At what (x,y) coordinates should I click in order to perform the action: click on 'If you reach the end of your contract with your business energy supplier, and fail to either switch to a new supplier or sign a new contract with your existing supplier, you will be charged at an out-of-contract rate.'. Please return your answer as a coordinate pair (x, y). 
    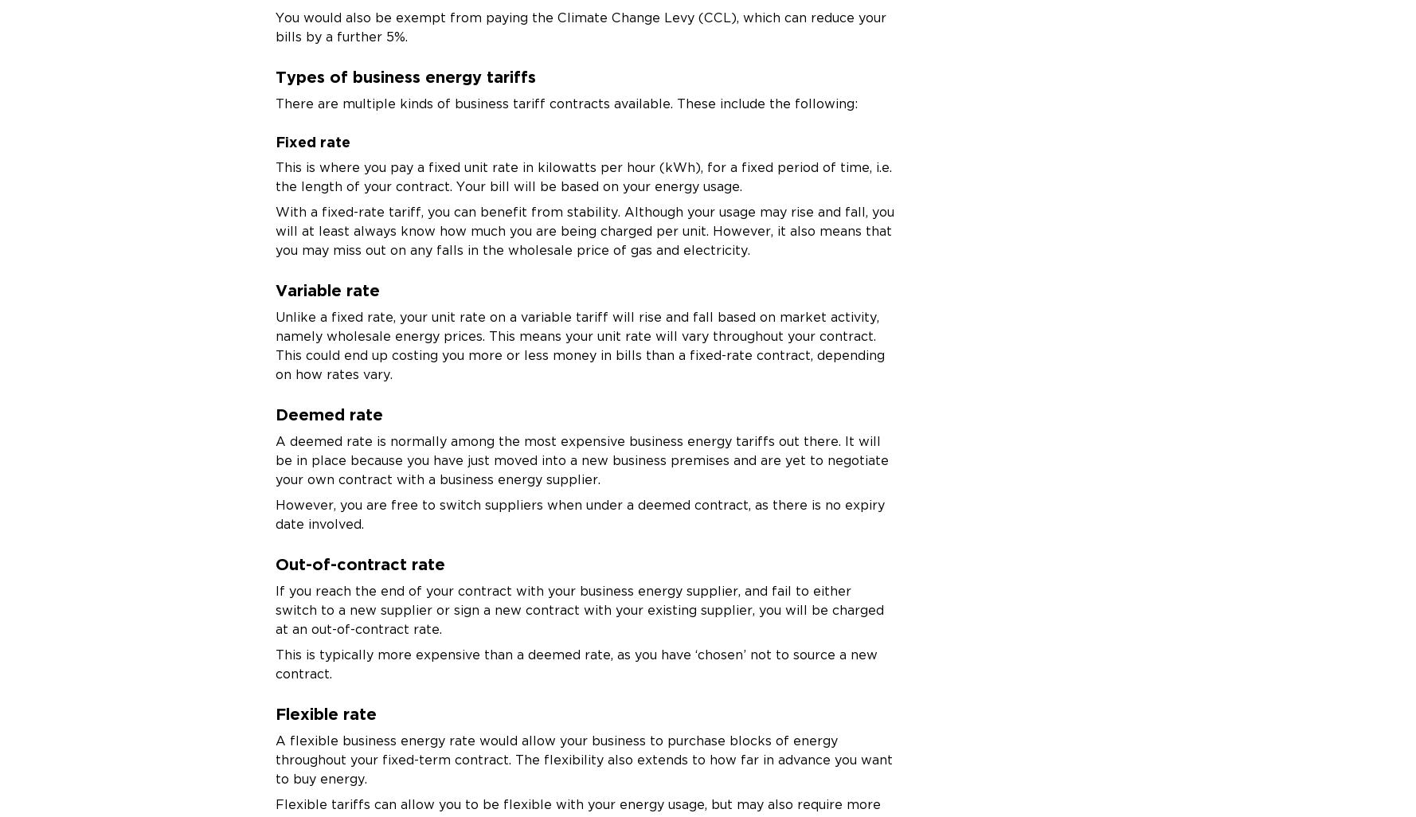
    Looking at the image, I should click on (274, 609).